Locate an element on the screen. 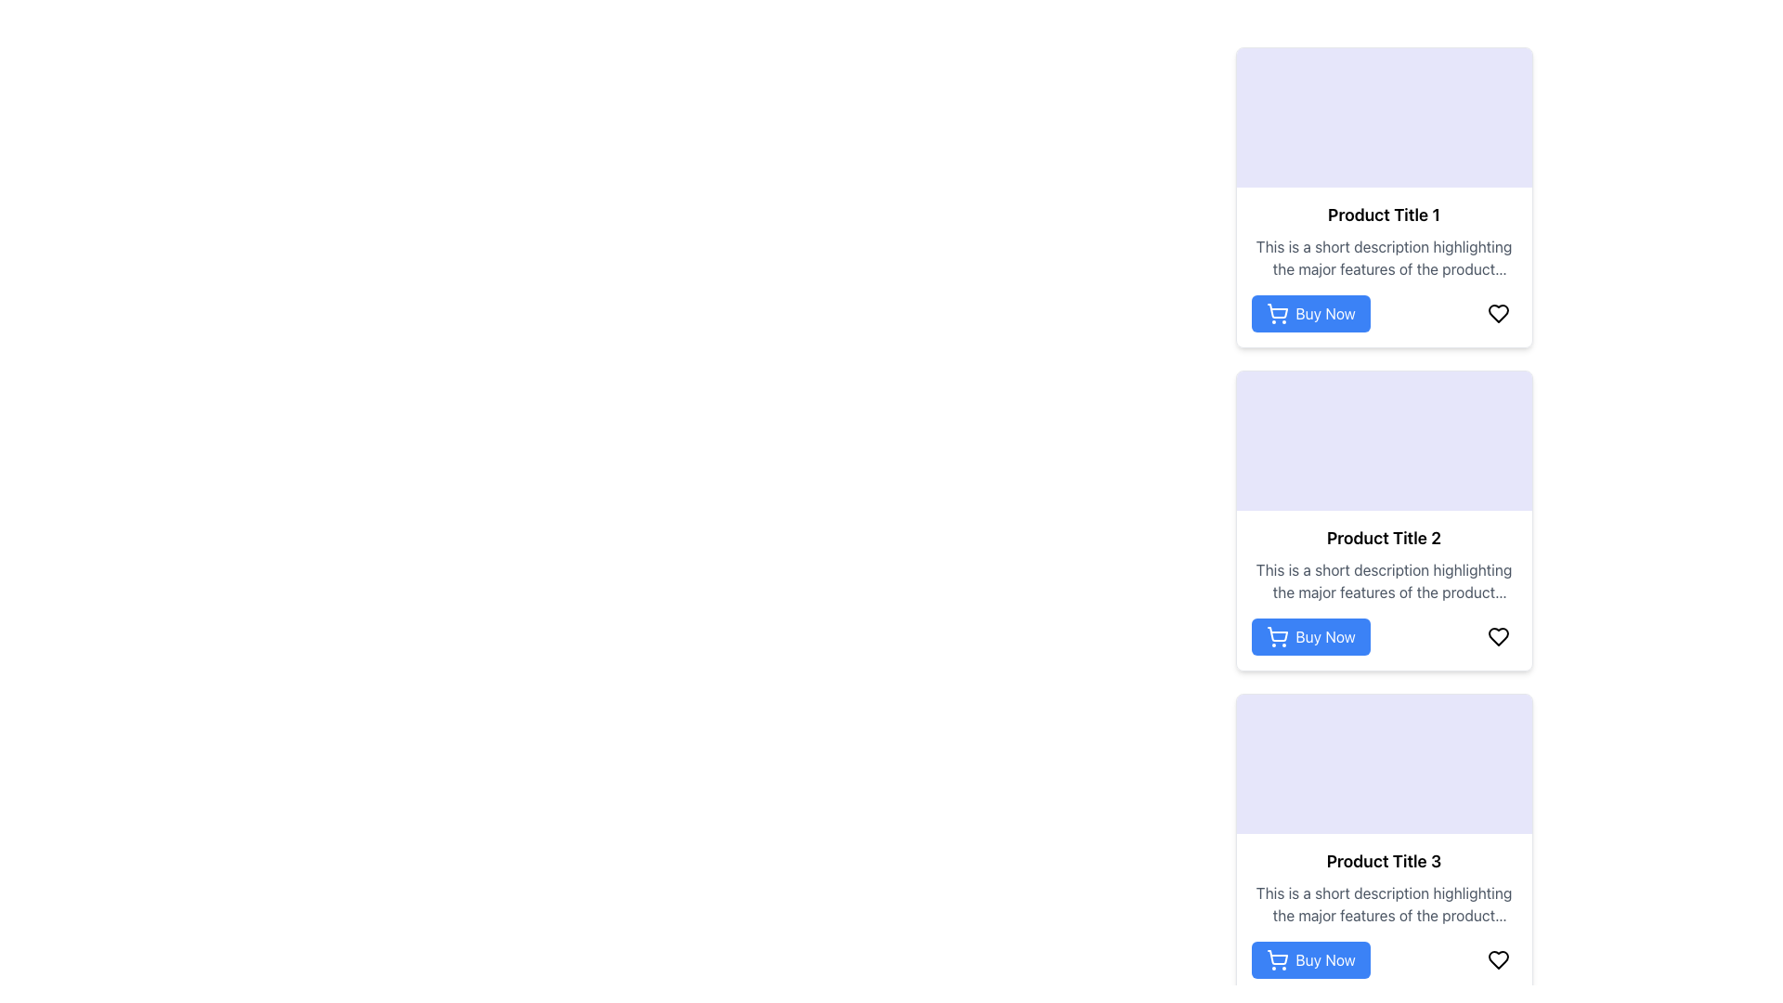 This screenshot has width=1783, height=1003. the outlined heart icon located at the bottom-right corner of the 'Product Title 2' card is located at coordinates (1498, 636).